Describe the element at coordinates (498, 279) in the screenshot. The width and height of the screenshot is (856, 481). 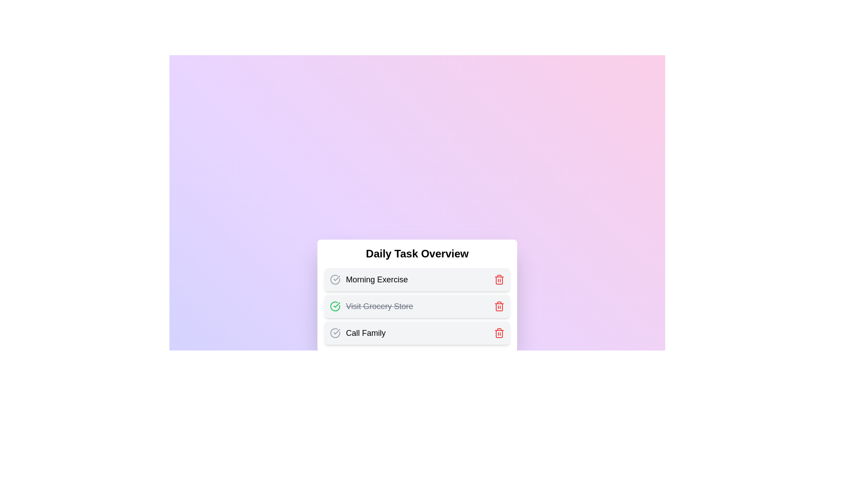
I see `the trash icon to delete the task Morning Exercise` at that location.